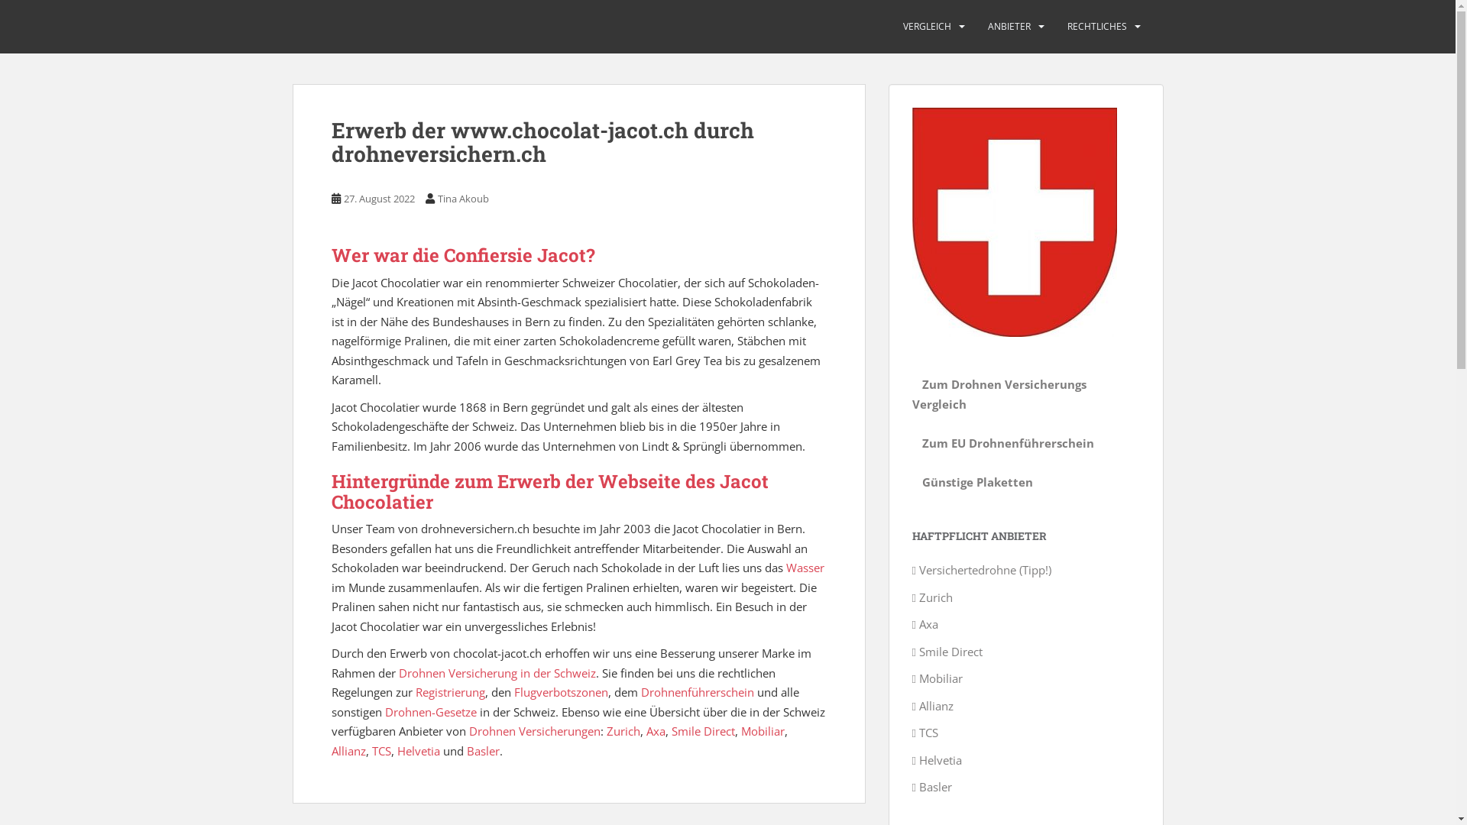 The width and height of the screenshot is (1467, 825). Describe the element at coordinates (371, 750) in the screenshot. I see `'TCS'` at that location.